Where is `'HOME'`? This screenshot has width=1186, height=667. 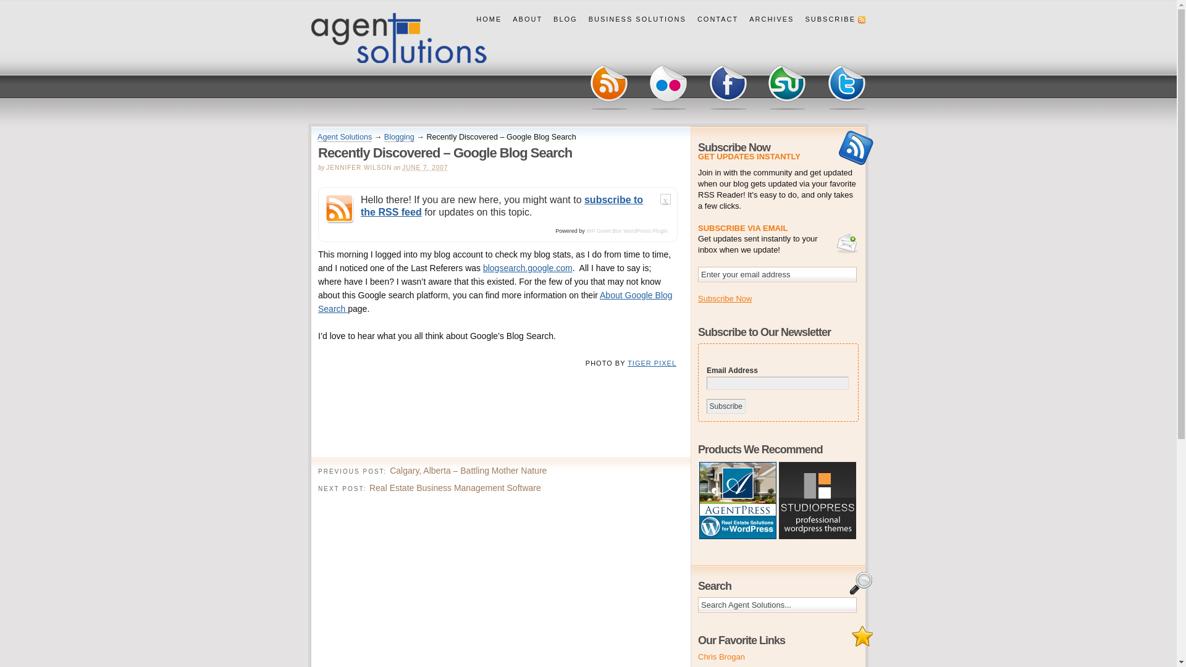 'HOME' is located at coordinates (488, 19).